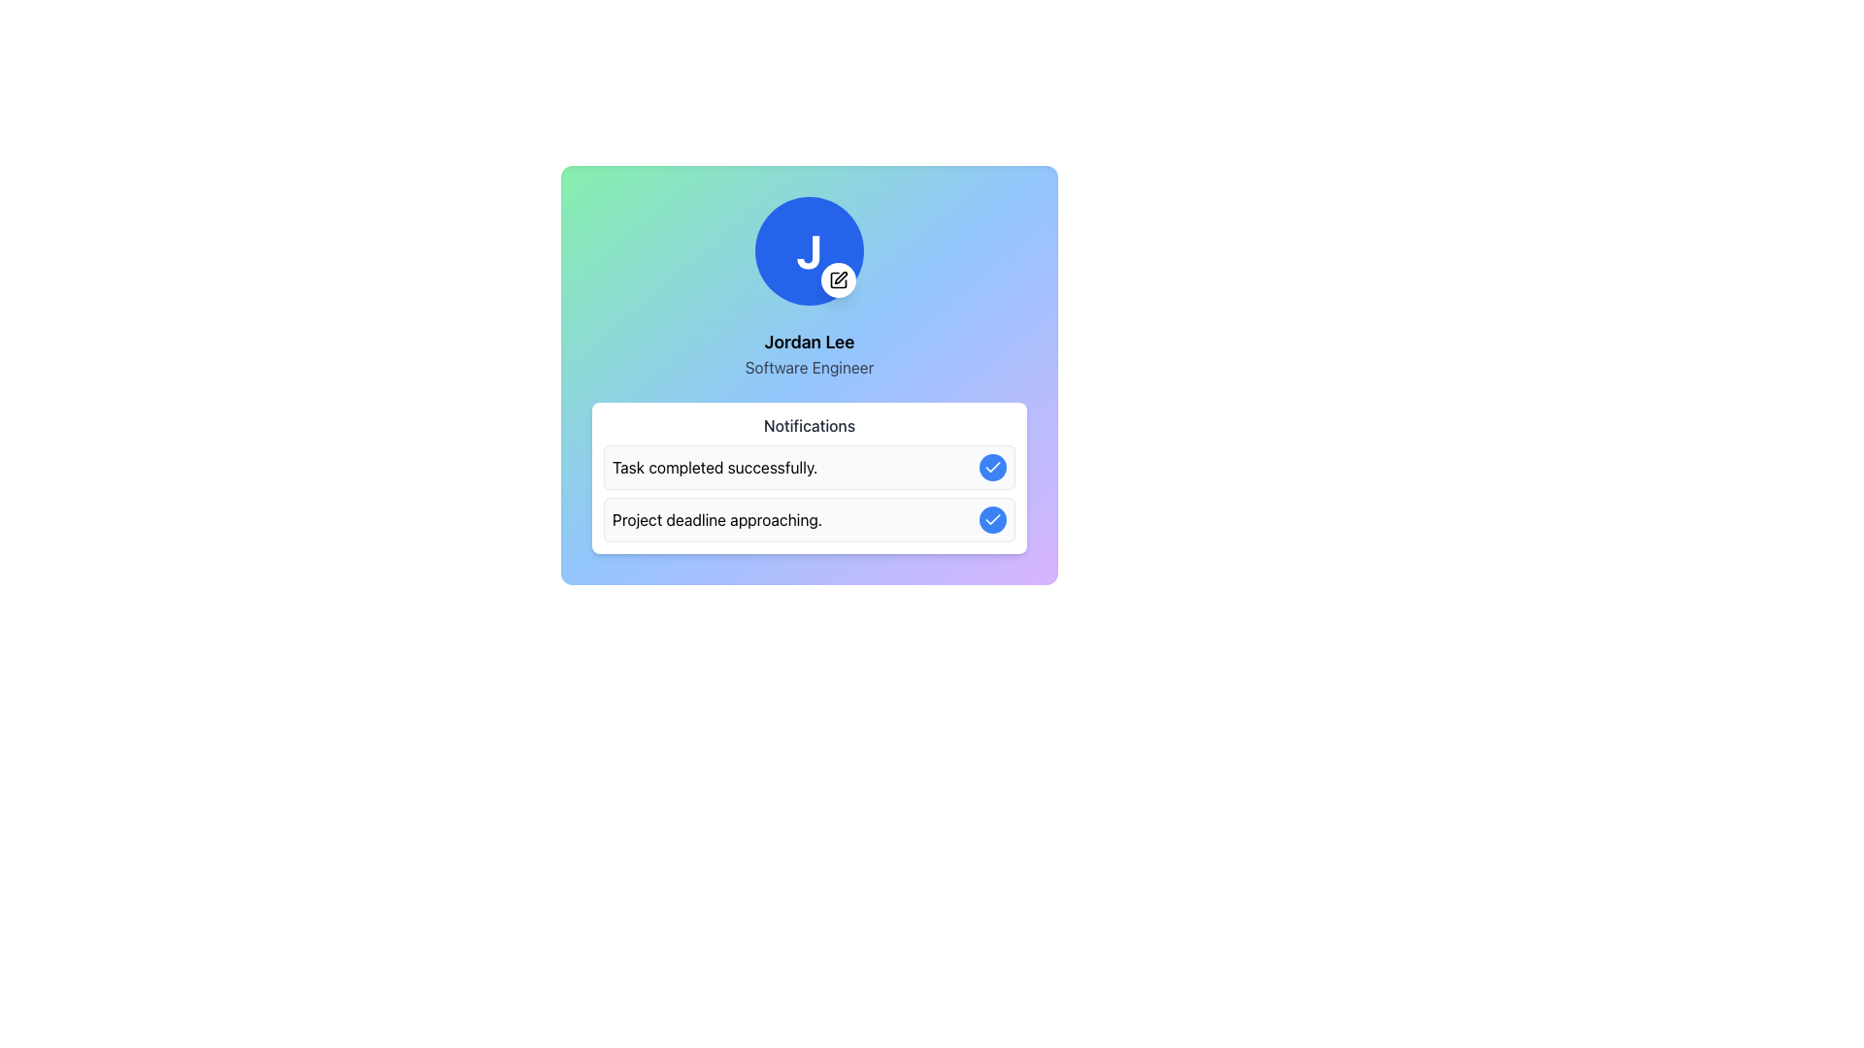  What do you see at coordinates (992, 519) in the screenshot?
I see `the confirmation button located at the far right of the notification item labeled 'Project deadline approaching' to confirm the task` at bounding box center [992, 519].